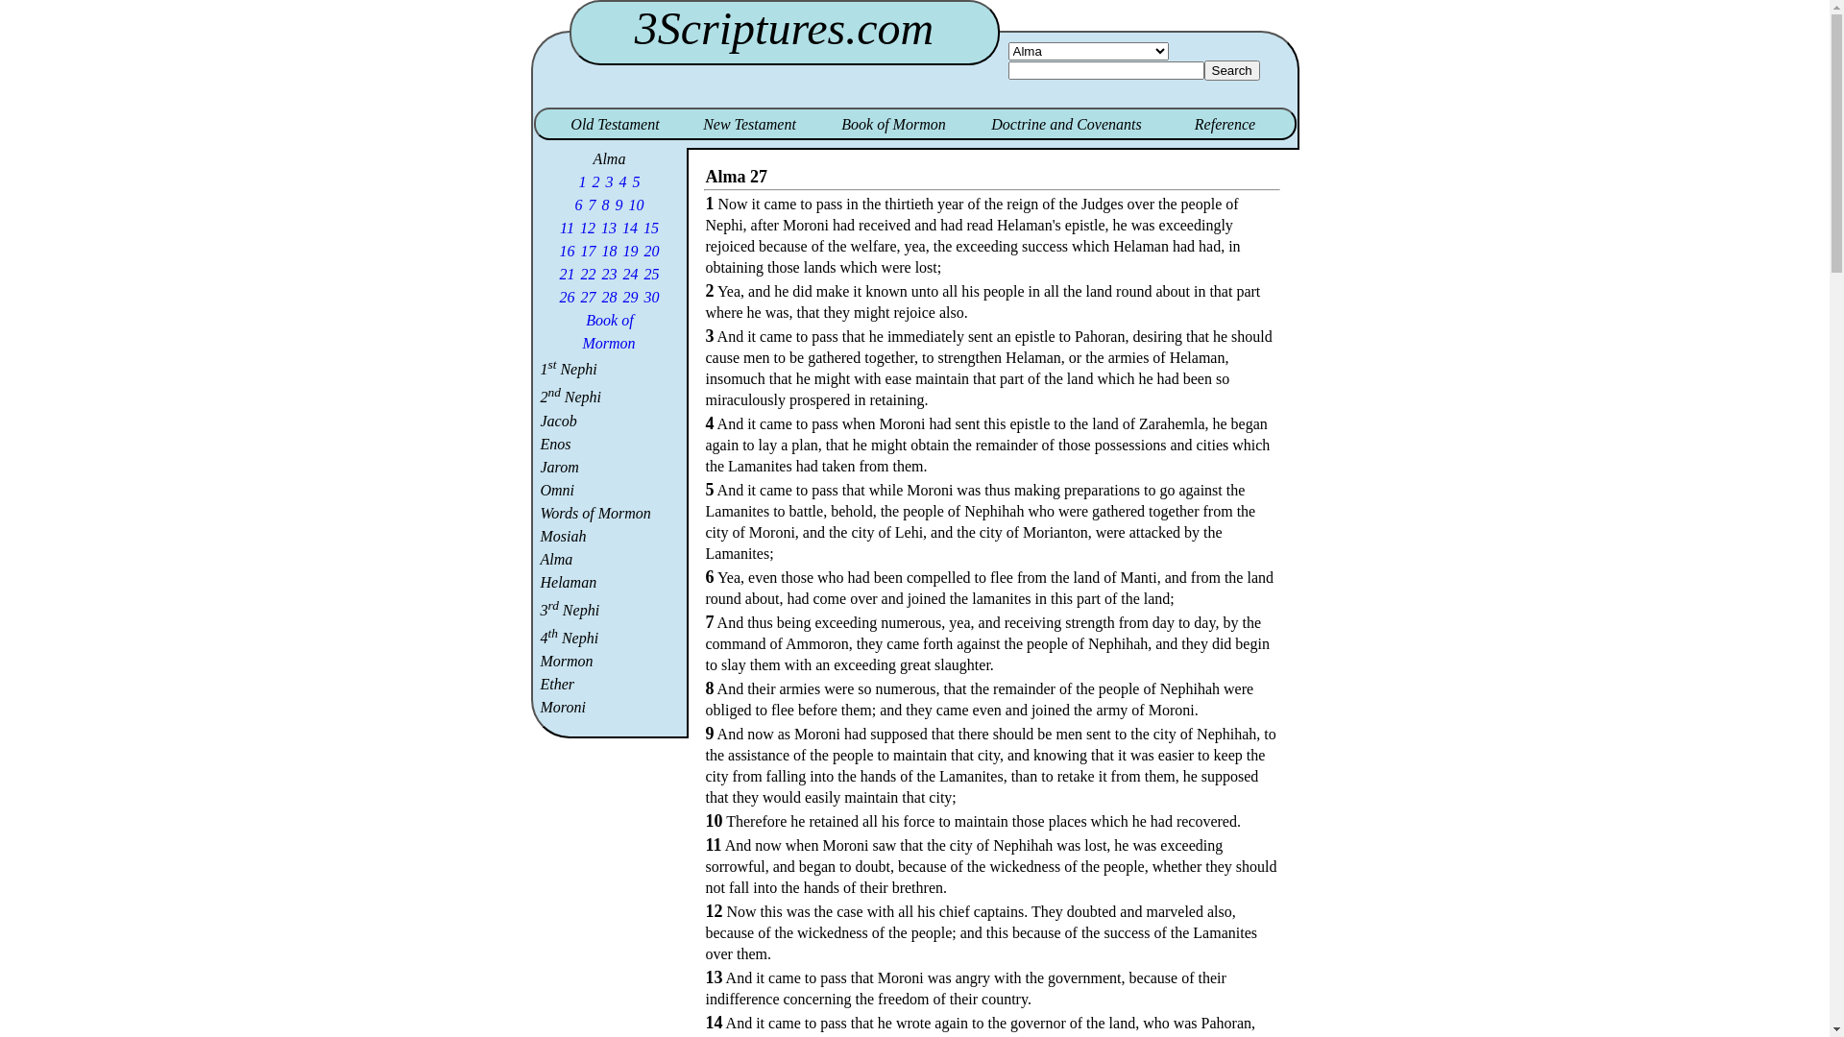 The height and width of the screenshot is (1037, 1844). What do you see at coordinates (608, 181) in the screenshot?
I see `'3'` at bounding box center [608, 181].